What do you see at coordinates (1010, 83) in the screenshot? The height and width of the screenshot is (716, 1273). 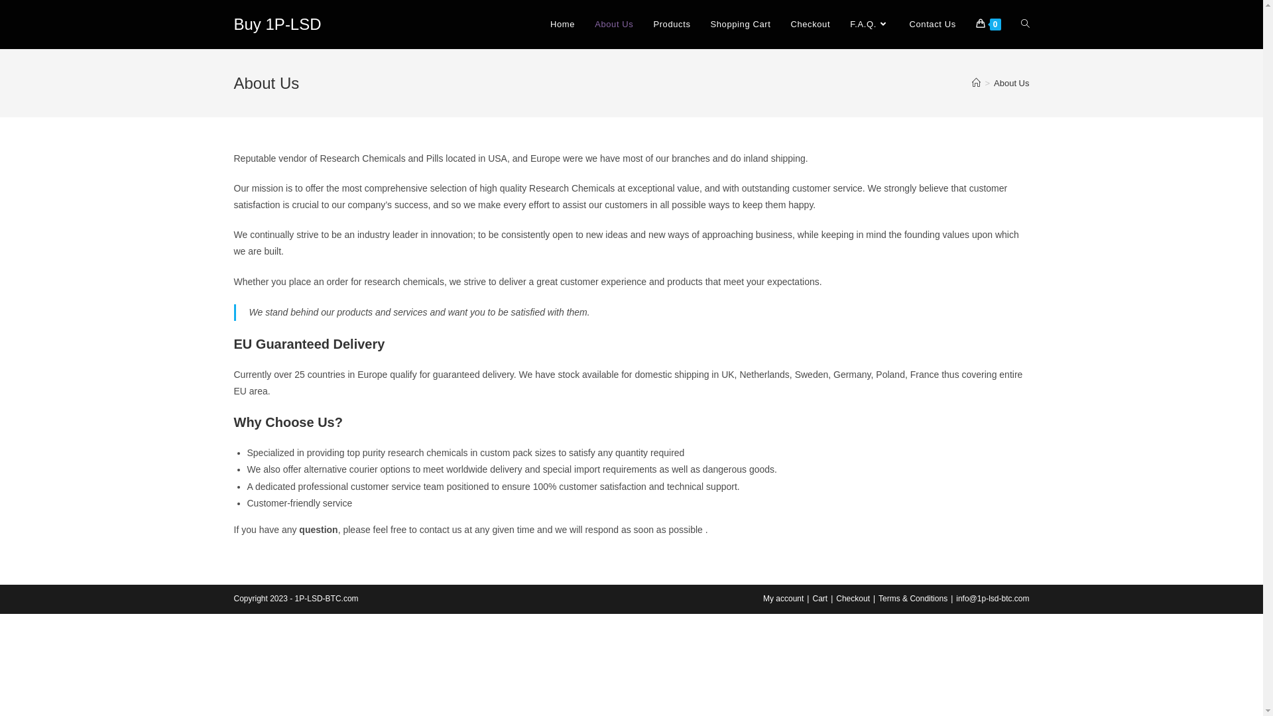 I see `'About Us'` at bounding box center [1010, 83].